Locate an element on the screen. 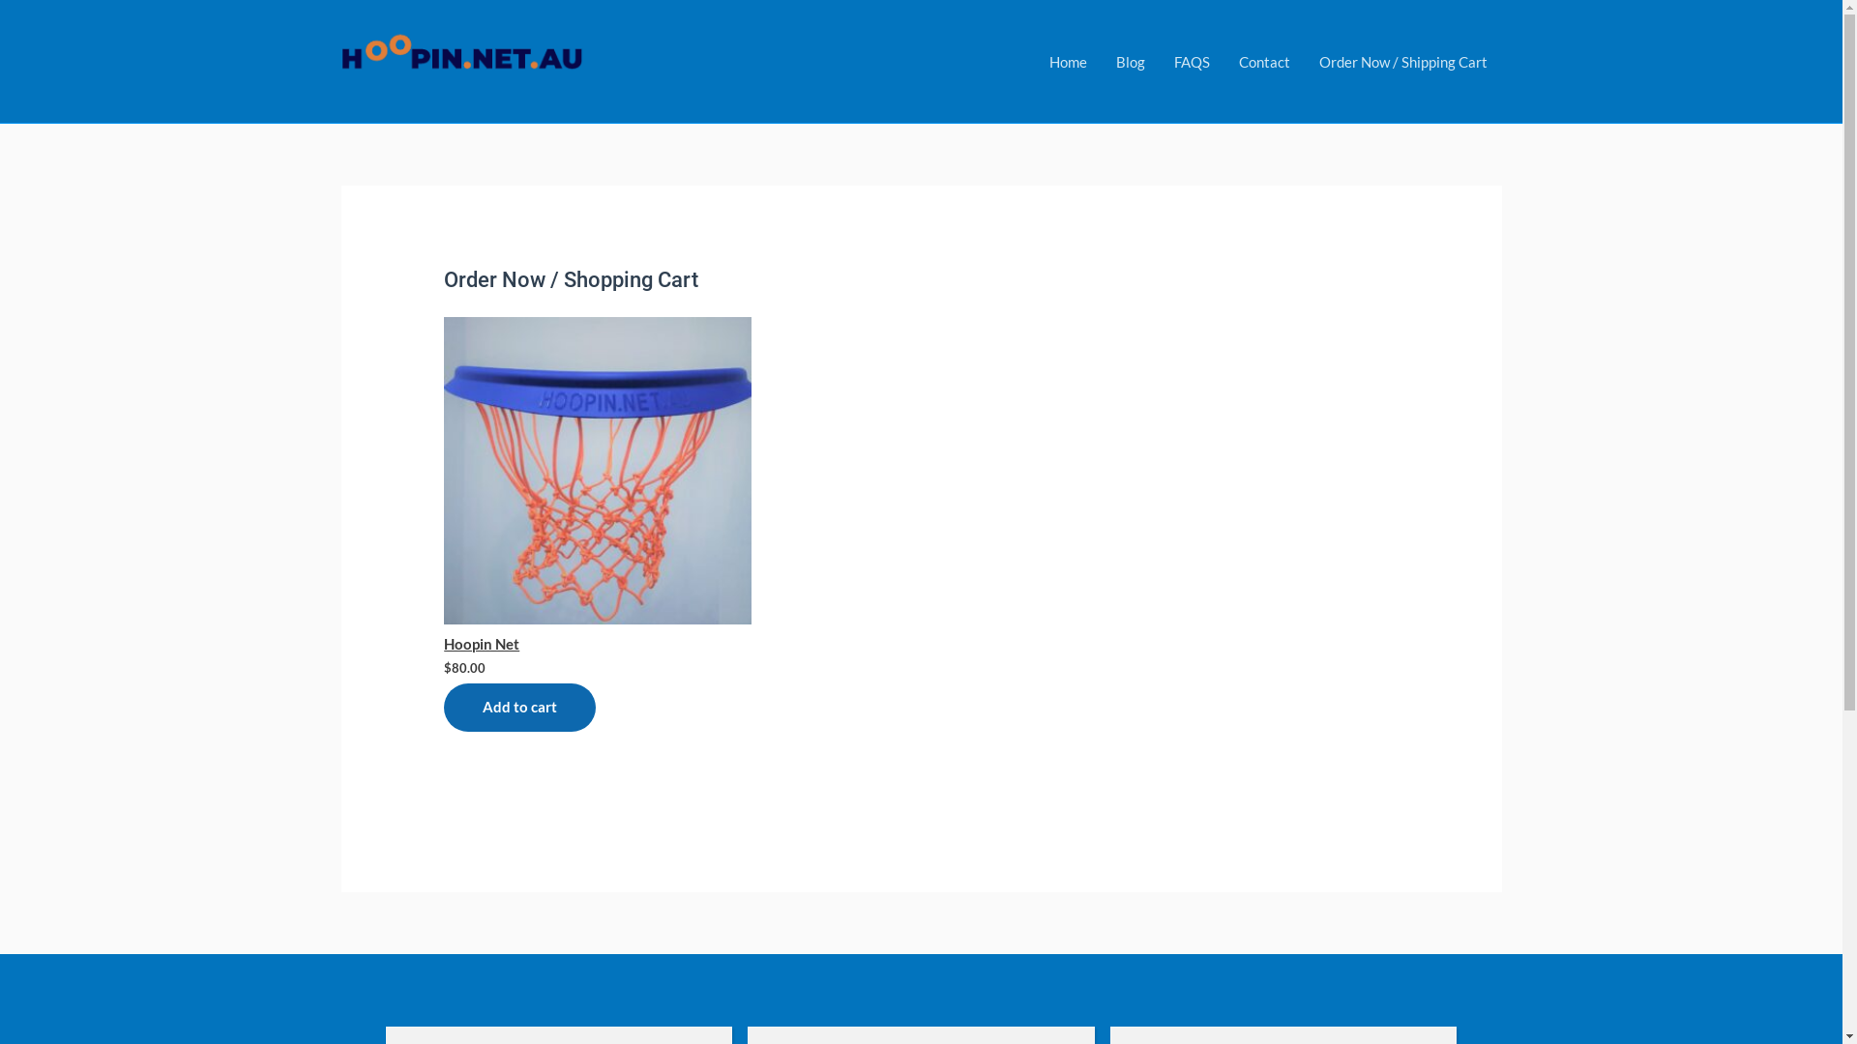 The height and width of the screenshot is (1044, 1857). 'Order Now / Shipping Cart' is located at coordinates (1401, 59).